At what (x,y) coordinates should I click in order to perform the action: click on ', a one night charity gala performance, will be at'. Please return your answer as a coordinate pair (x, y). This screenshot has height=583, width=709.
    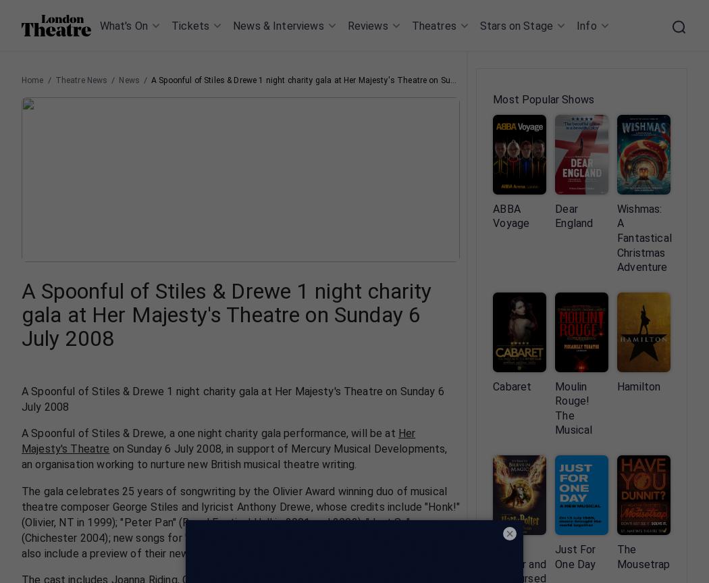
    Looking at the image, I should click on (163, 432).